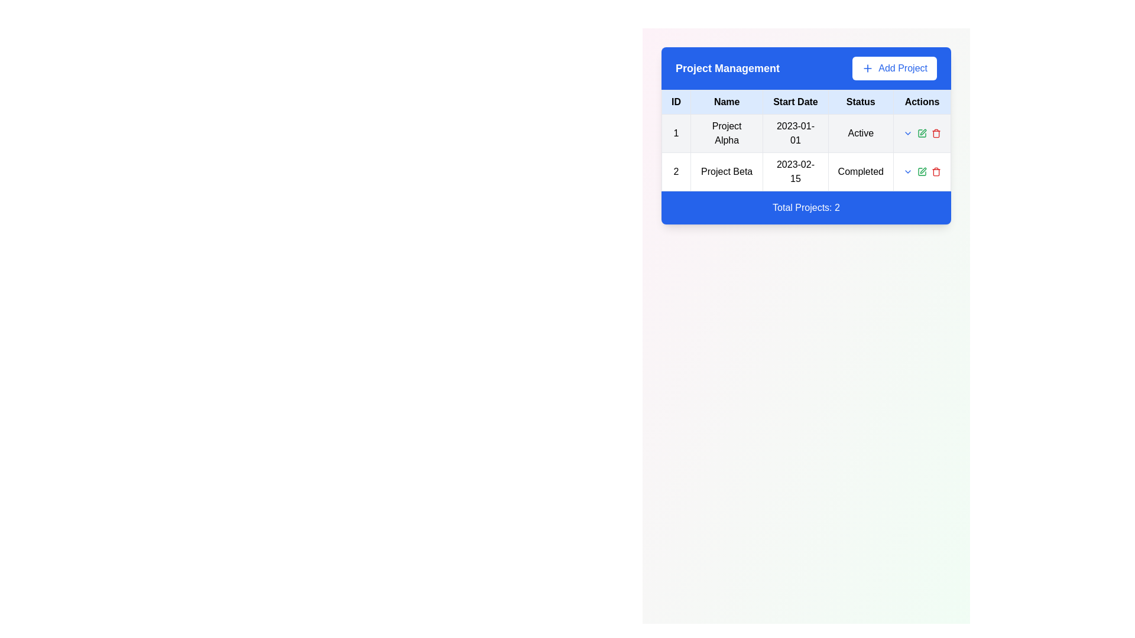 The height and width of the screenshot is (638, 1135). What do you see at coordinates (676, 133) in the screenshot?
I see `the text label displaying the number '1' in the first cell of the first row under the 'ID' column of the table` at bounding box center [676, 133].